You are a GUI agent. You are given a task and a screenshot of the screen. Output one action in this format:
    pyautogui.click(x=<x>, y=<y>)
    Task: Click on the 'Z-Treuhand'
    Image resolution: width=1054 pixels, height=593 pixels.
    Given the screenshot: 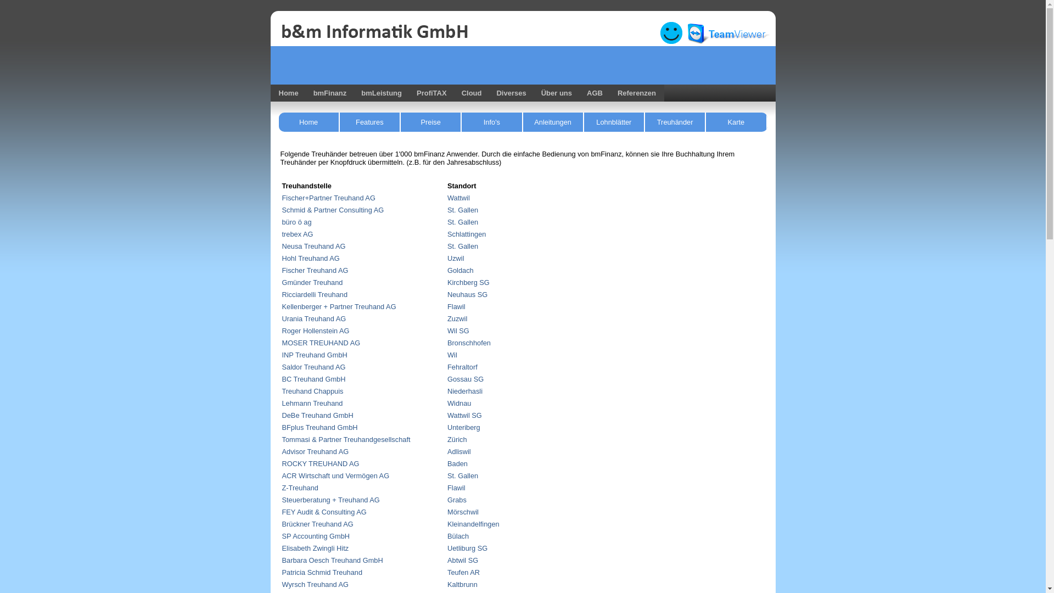 What is the action you would take?
    pyautogui.click(x=300, y=487)
    